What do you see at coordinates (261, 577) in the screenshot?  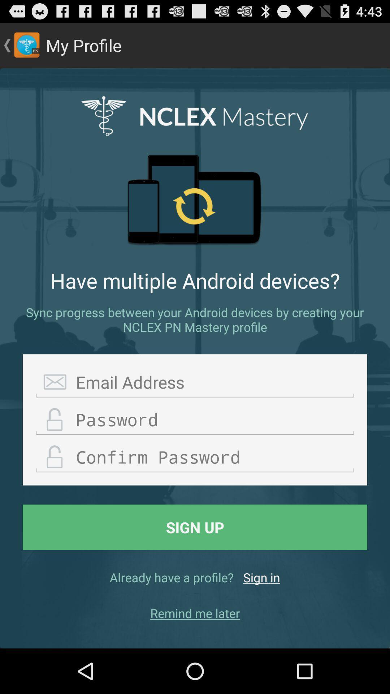 I see `item below the sign up button` at bounding box center [261, 577].